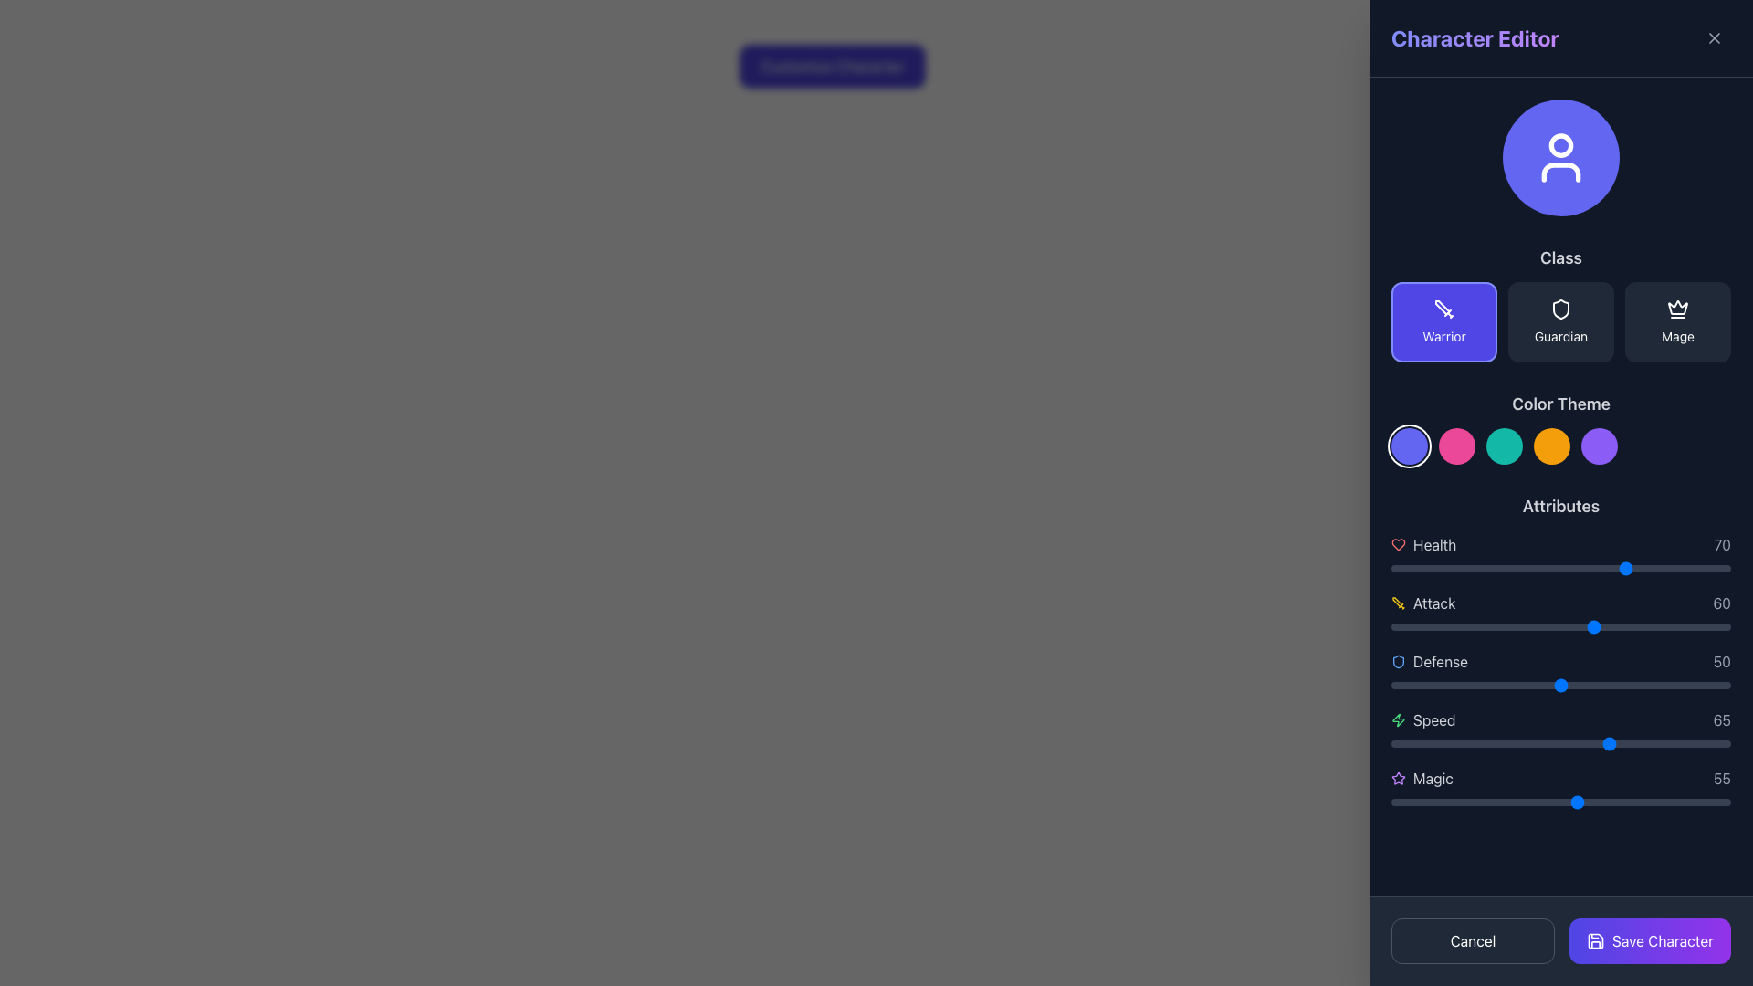  Describe the element at coordinates (1456, 446) in the screenshot. I see `the second circular pink button in the 'Color Theme' section of the Character Editor` at that location.